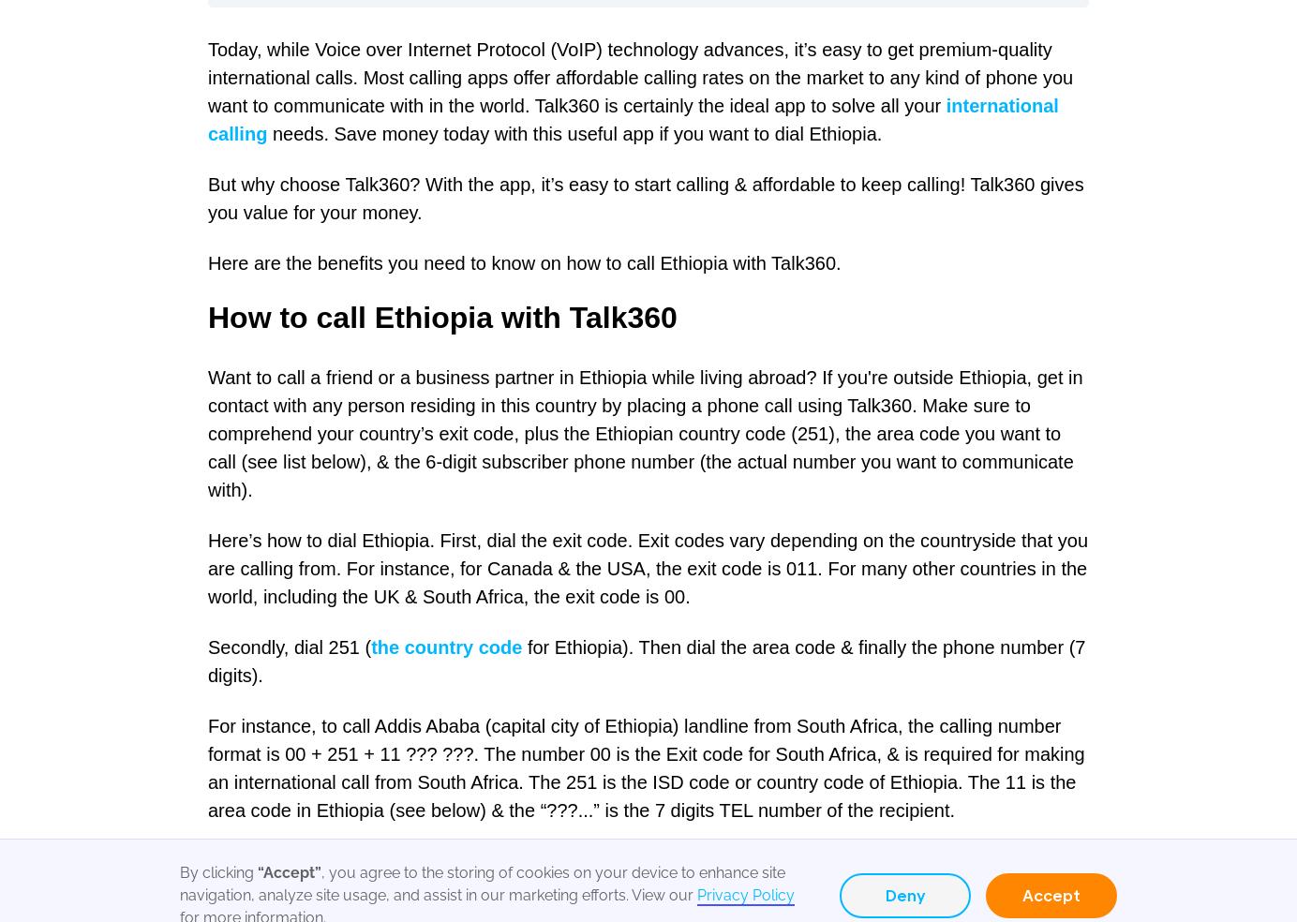 The image size is (1297, 922). Describe the element at coordinates (573, 133) in the screenshot. I see `'needs. Save money today with this useful app if you want to dial Ethiopia.'` at that location.